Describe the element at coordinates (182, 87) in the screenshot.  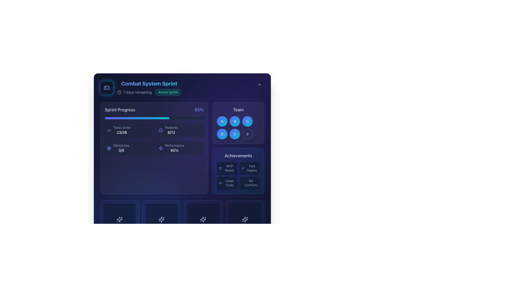
I see `the buttons associated with the 'Combat System Sprint' informational block, which includes the title and status information located at the top left of the interface` at that location.